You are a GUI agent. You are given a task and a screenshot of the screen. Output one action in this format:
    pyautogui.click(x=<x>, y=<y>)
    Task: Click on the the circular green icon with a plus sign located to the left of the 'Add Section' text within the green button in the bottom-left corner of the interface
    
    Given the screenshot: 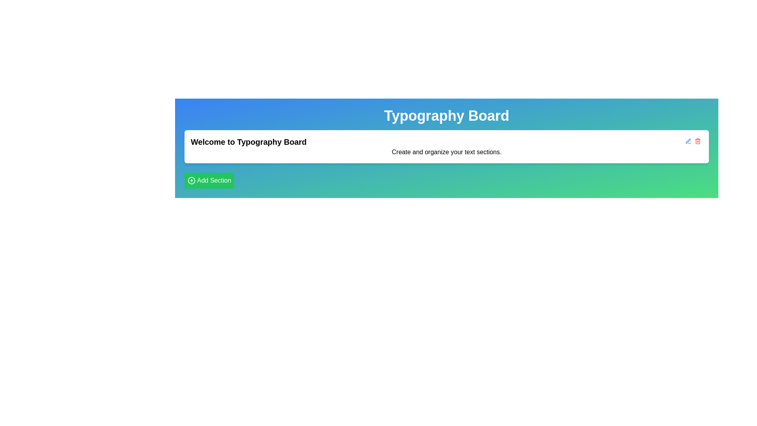 What is the action you would take?
    pyautogui.click(x=191, y=181)
    